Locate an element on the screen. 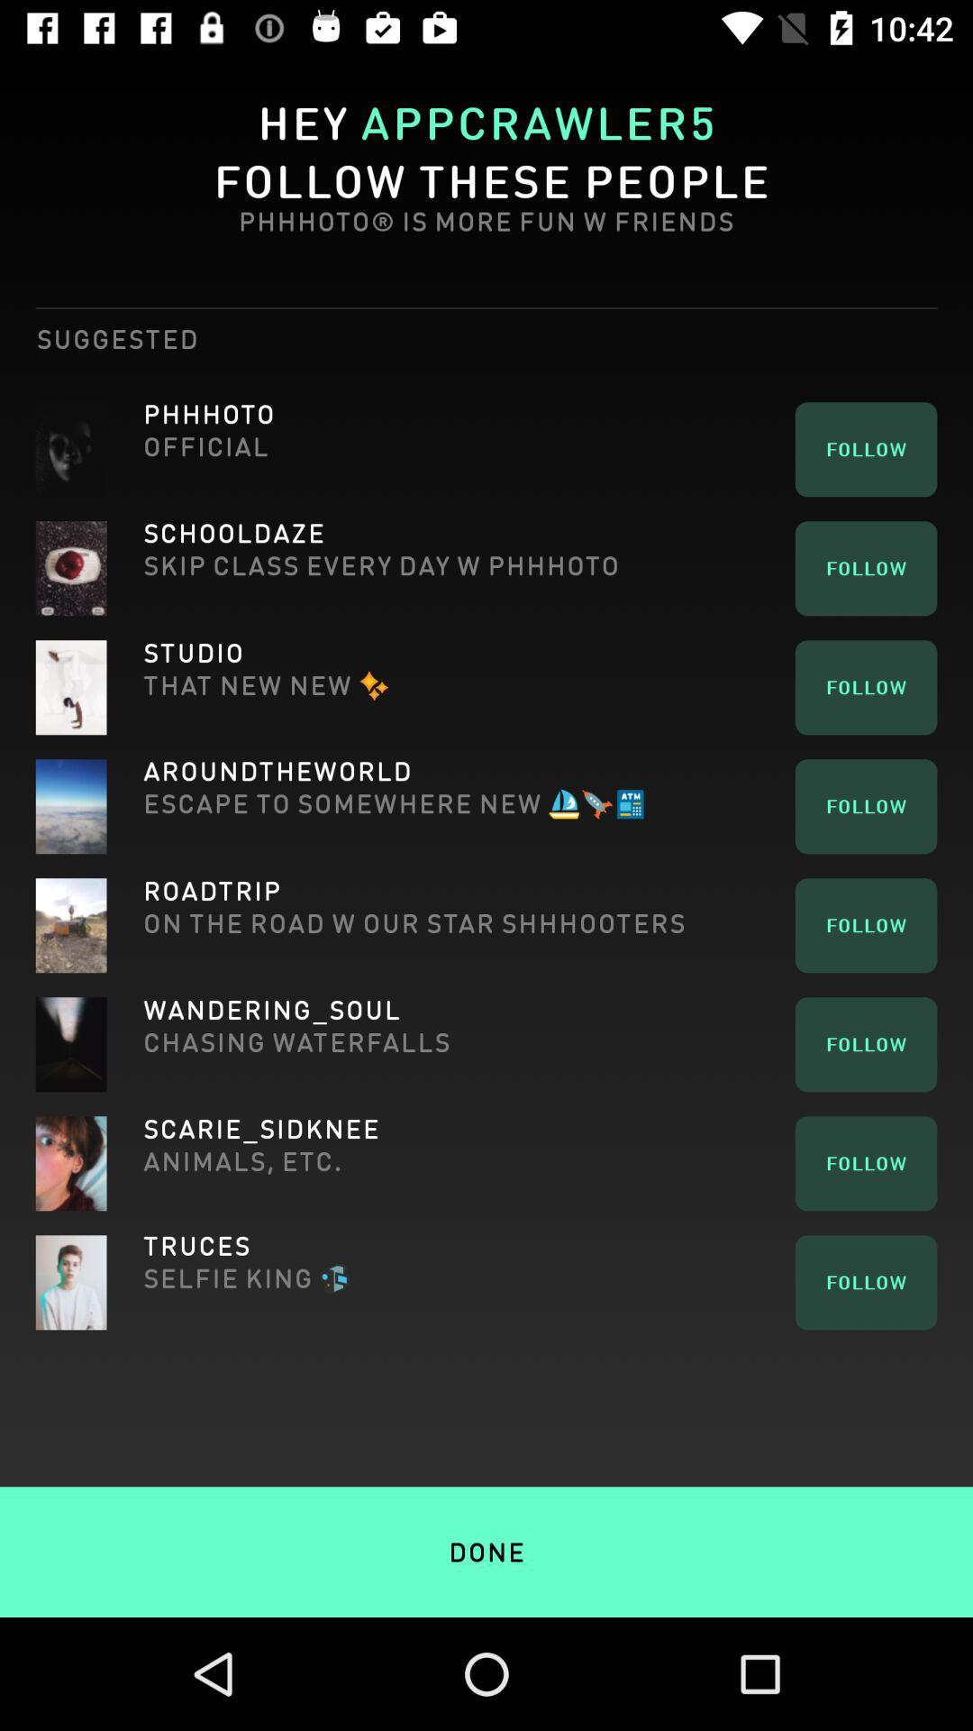  finish following people is located at coordinates (486, 1514).